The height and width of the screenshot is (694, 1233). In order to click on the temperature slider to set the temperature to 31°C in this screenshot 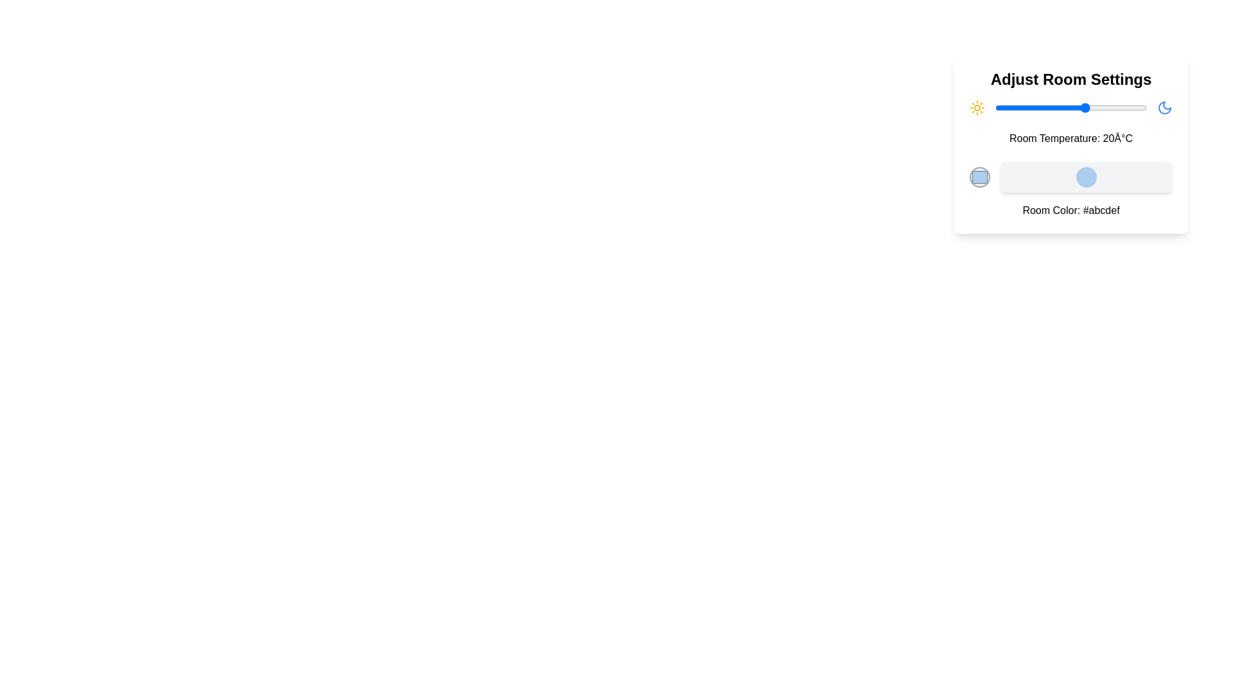, I will do `click(1119, 107)`.